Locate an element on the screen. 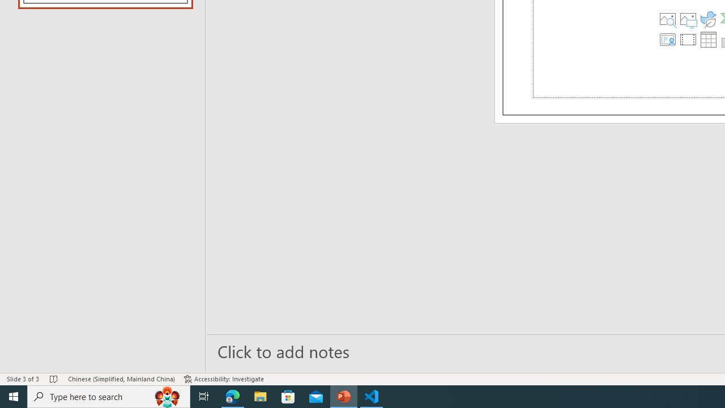 Image resolution: width=725 pixels, height=408 pixels. 'Insert Video' is located at coordinates (687, 39).